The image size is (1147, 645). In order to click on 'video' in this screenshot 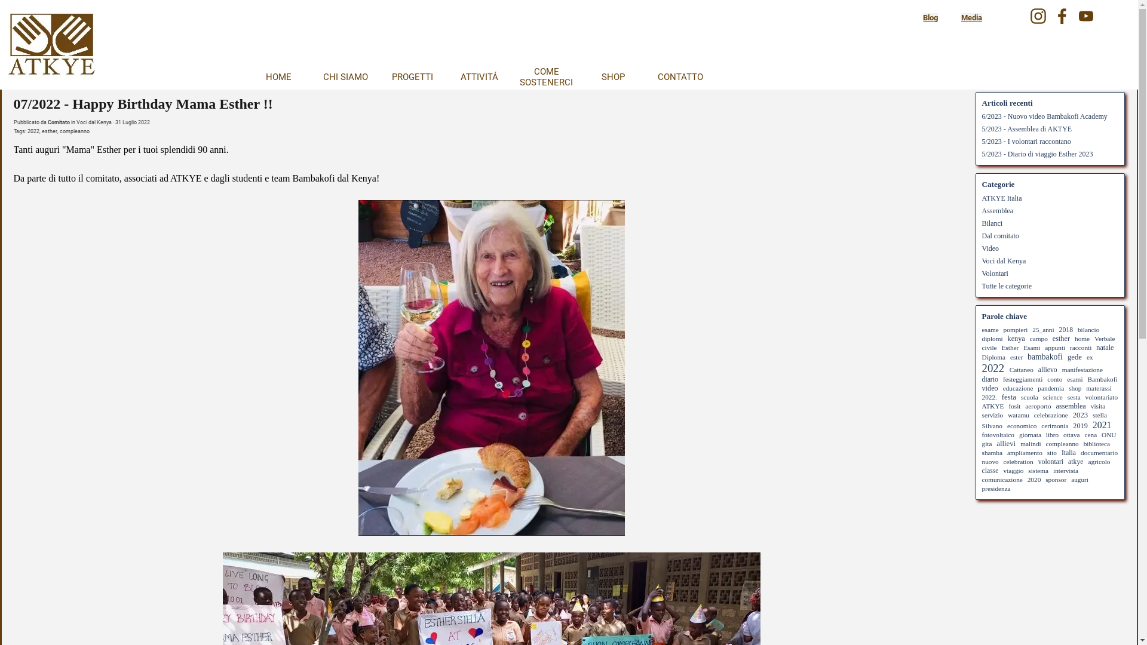, I will do `click(990, 388)`.